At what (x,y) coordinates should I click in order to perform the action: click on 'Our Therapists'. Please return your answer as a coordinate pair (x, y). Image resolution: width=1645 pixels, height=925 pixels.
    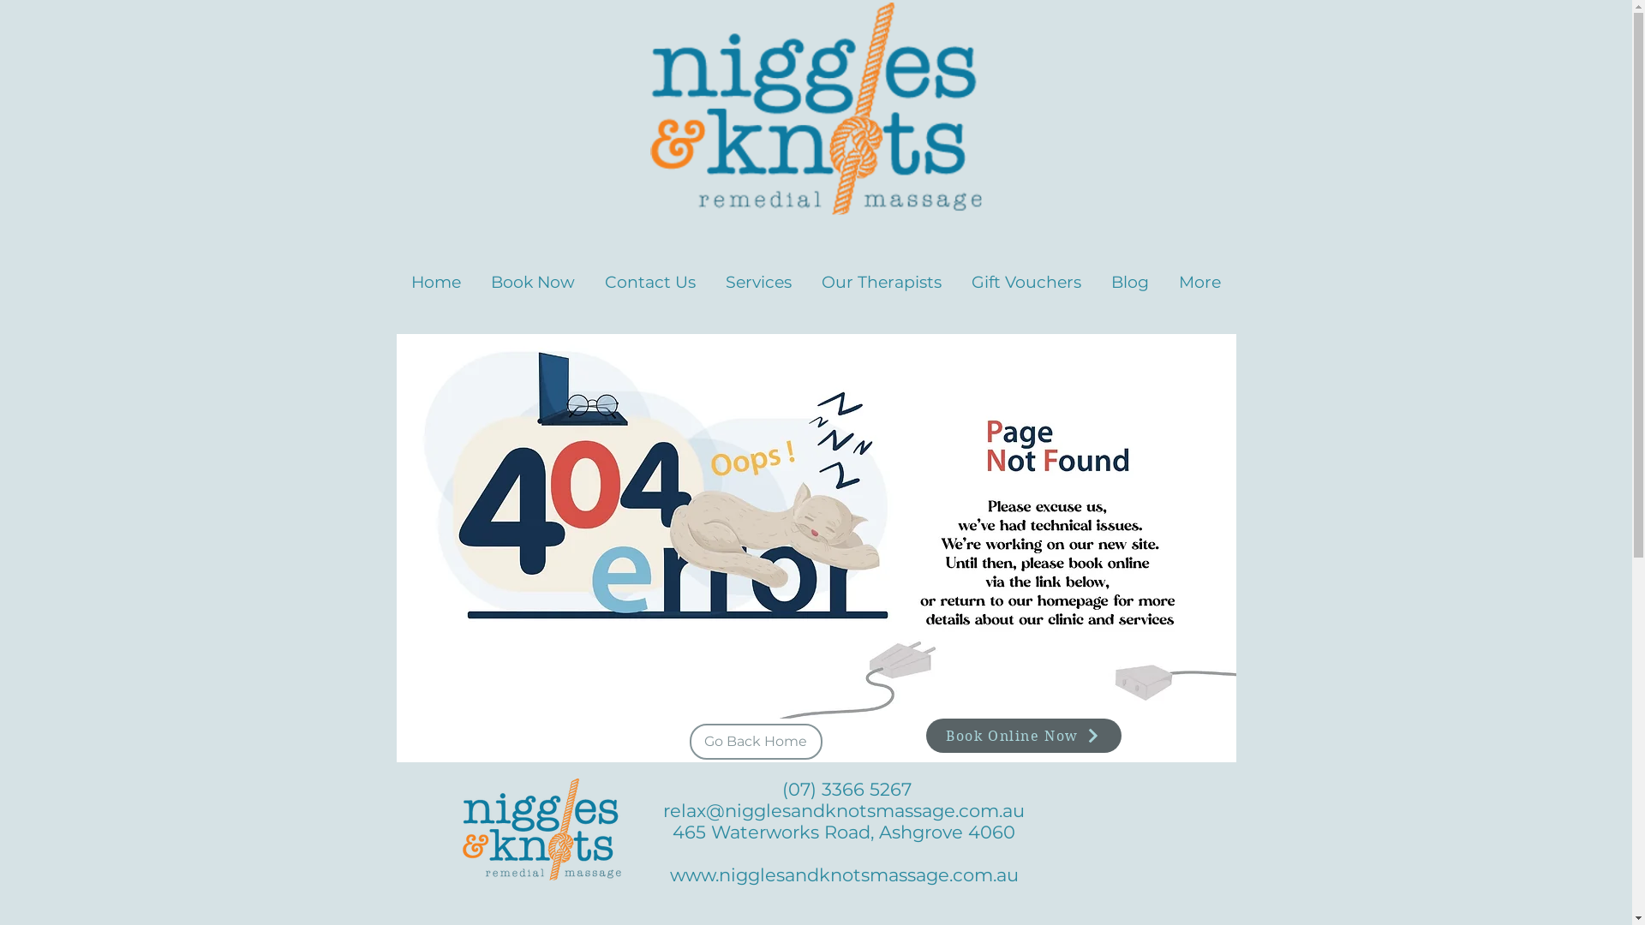
    Looking at the image, I should click on (805, 273).